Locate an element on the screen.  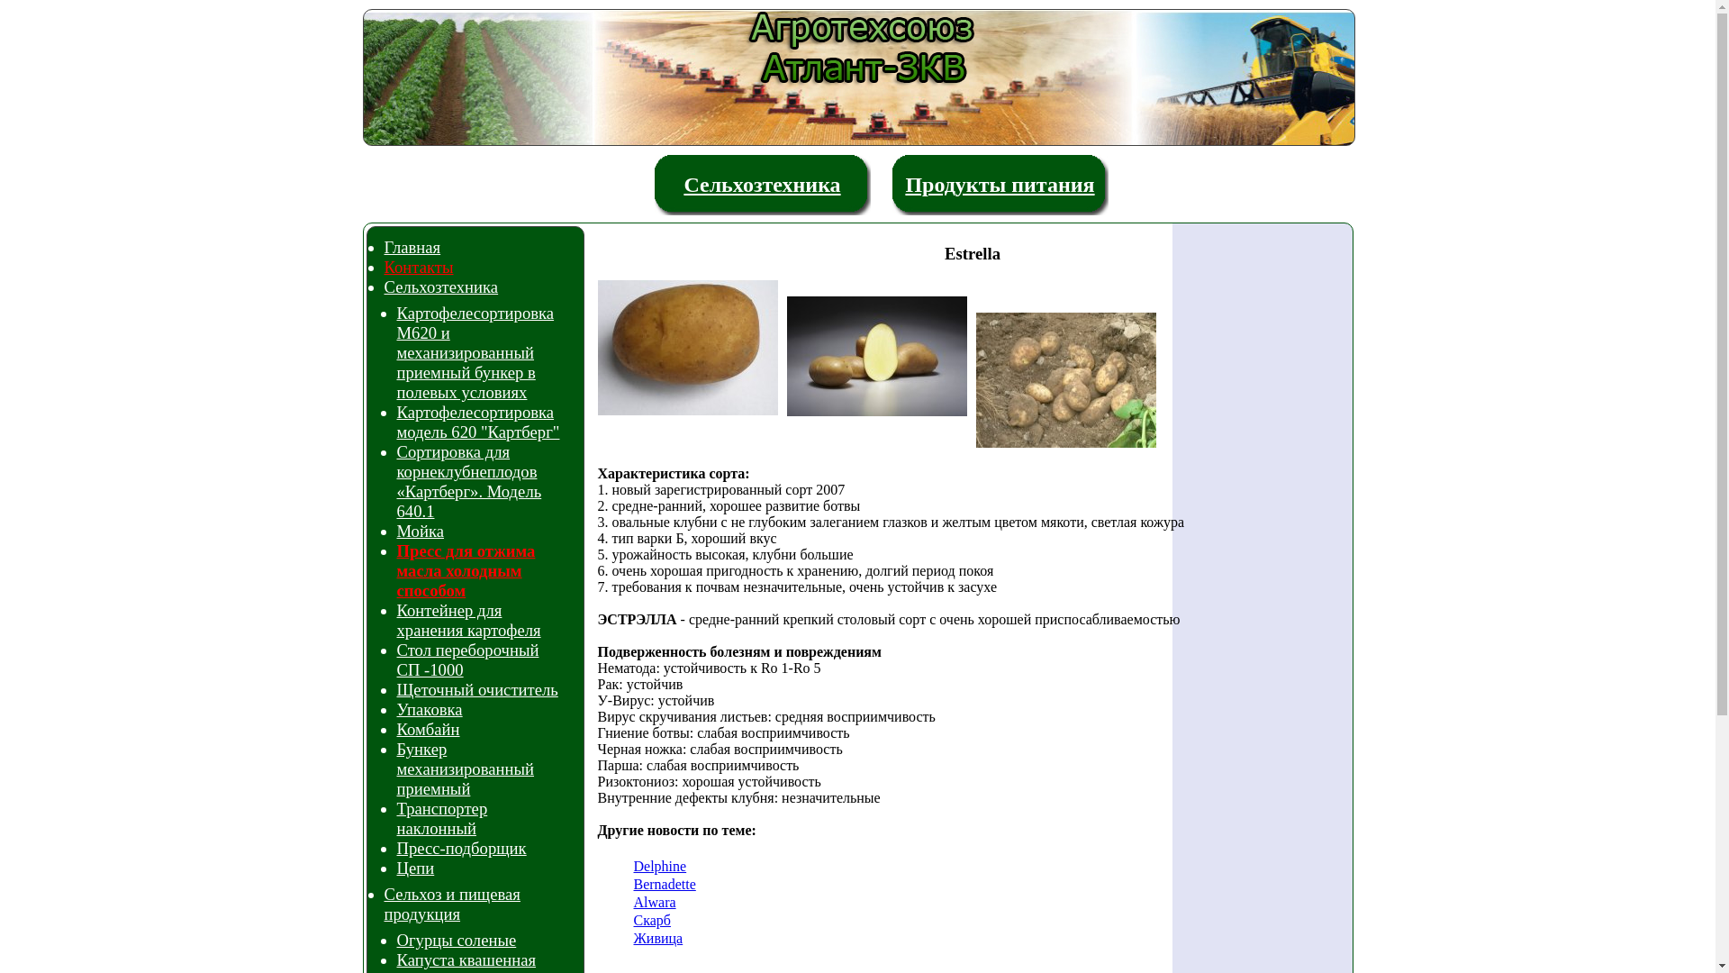
'Alwara' is located at coordinates (634, 902).